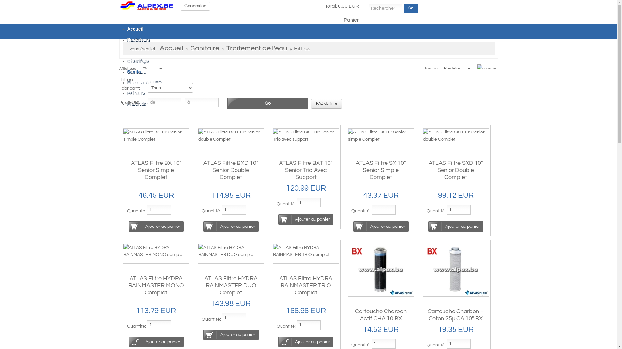 The width and height of the screenshot is (622, 349). I want to click on 'Ajouter au panier', so click(278, 341).